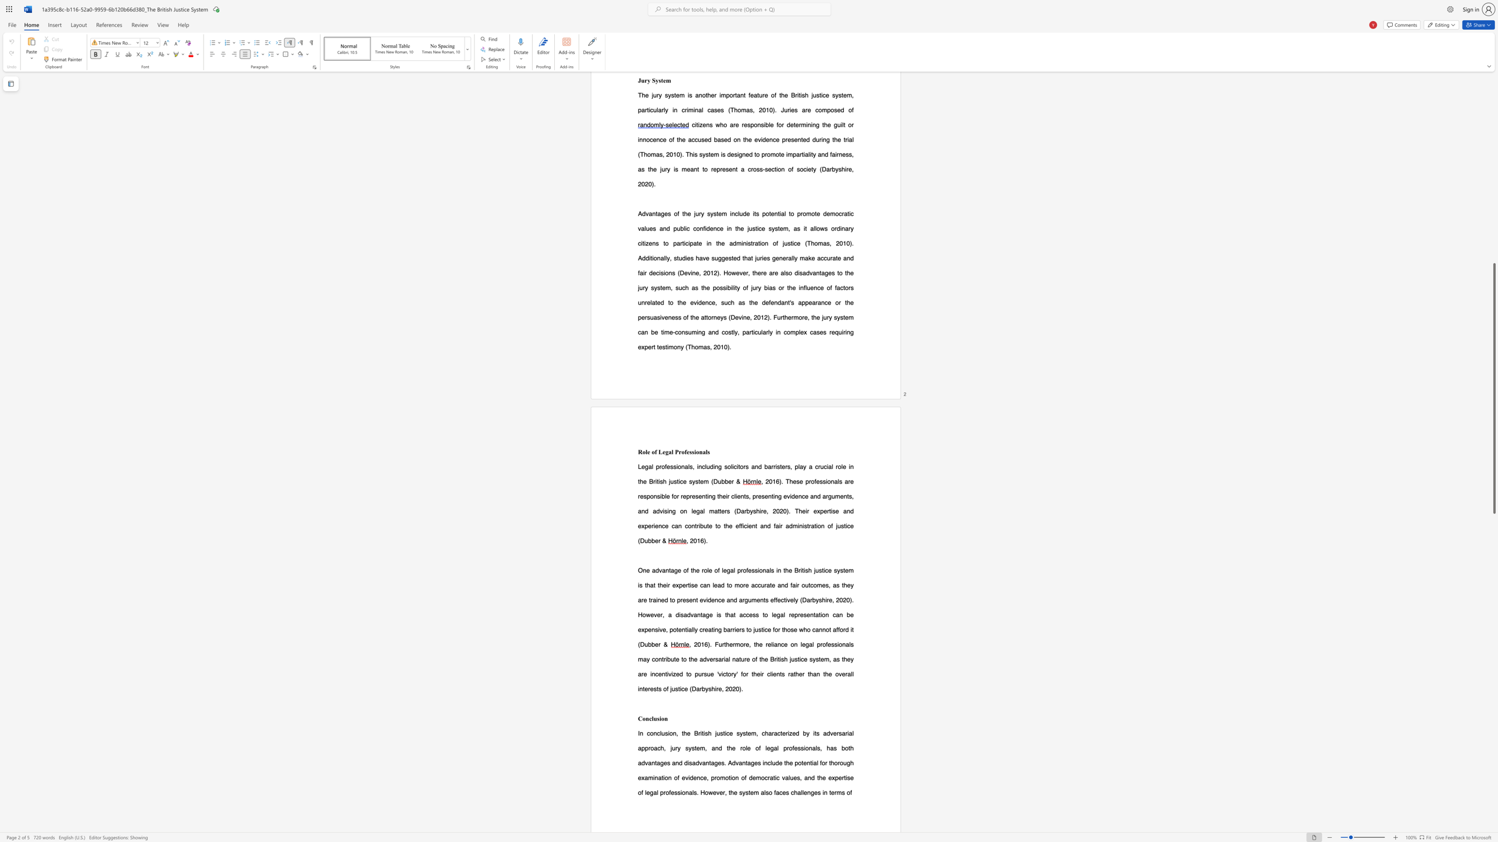 This screenshot has width=1498, height=842. What do you see at coordinates (658, 585) in the screenshot?
I see `the 9th character "t" in the text` at bounding box center [658, 585].